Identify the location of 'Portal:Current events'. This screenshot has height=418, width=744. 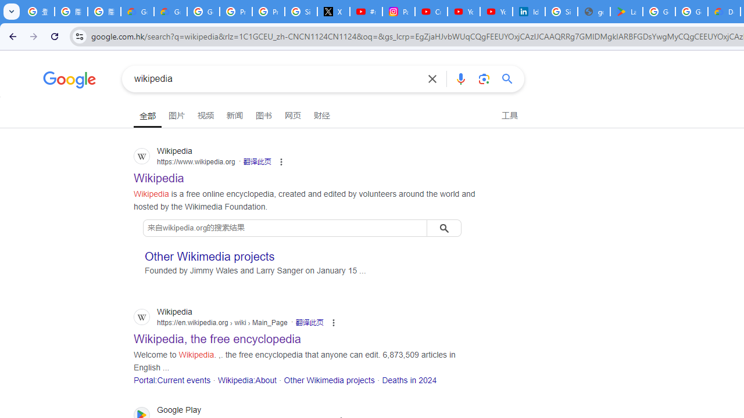
(171, 380).